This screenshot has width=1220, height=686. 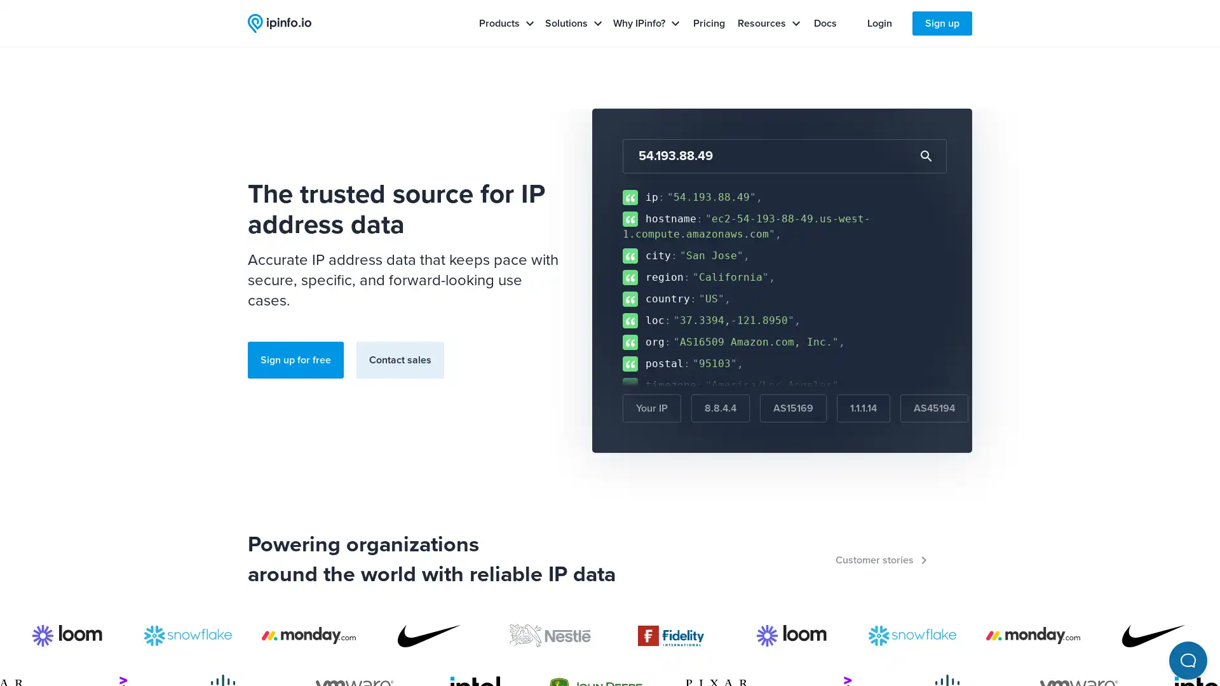 I want to click on Load Chat, so click(x=1174, y=642).